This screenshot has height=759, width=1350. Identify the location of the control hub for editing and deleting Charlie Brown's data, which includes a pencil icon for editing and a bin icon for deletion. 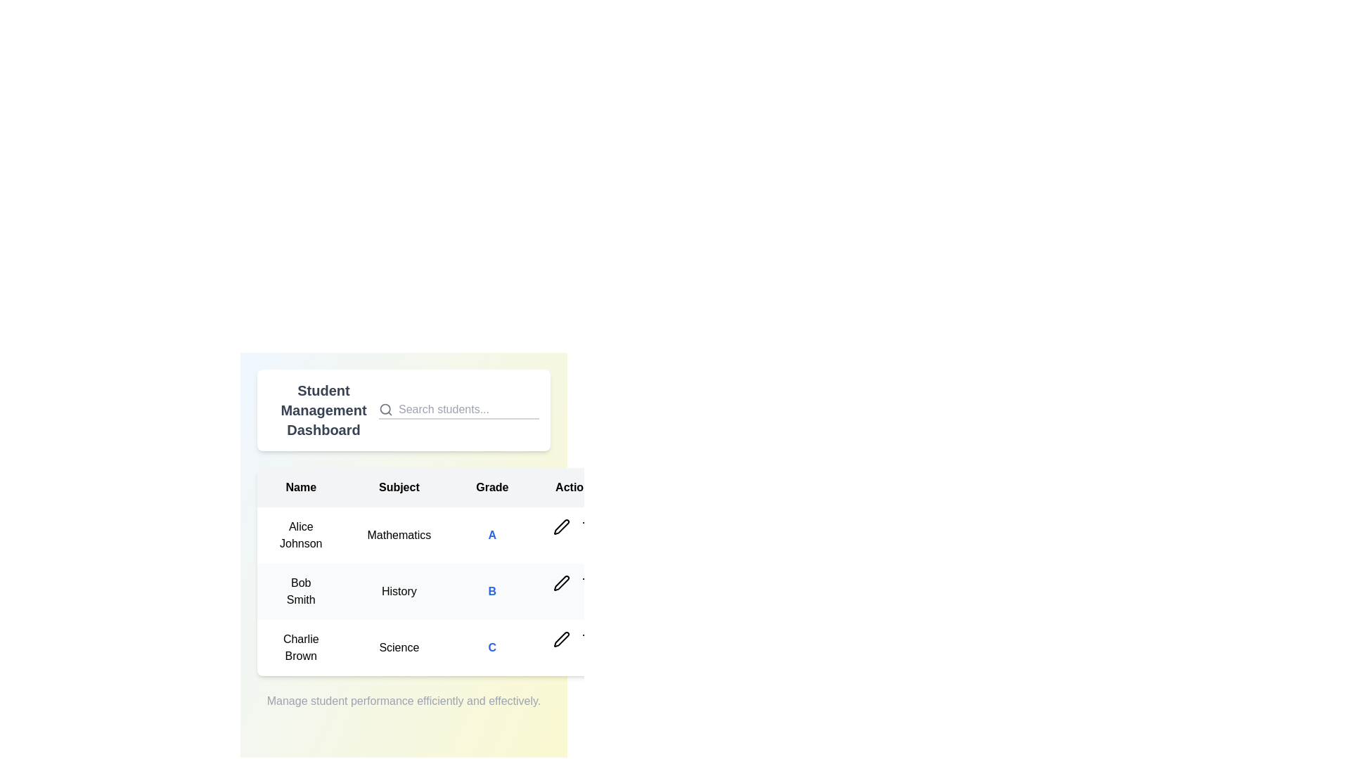
(576, 640).